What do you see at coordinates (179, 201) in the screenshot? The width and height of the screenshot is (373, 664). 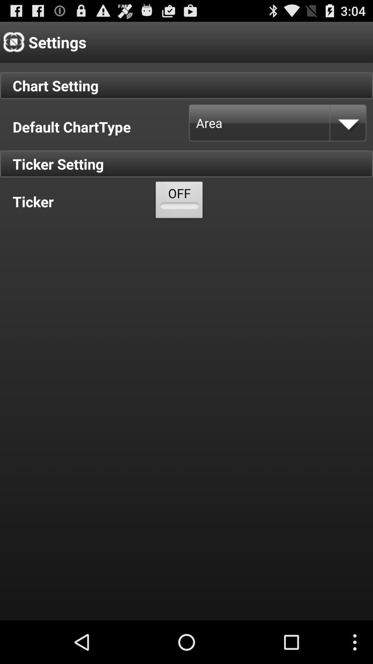 I see `the off` at bounding box center [179, 201].